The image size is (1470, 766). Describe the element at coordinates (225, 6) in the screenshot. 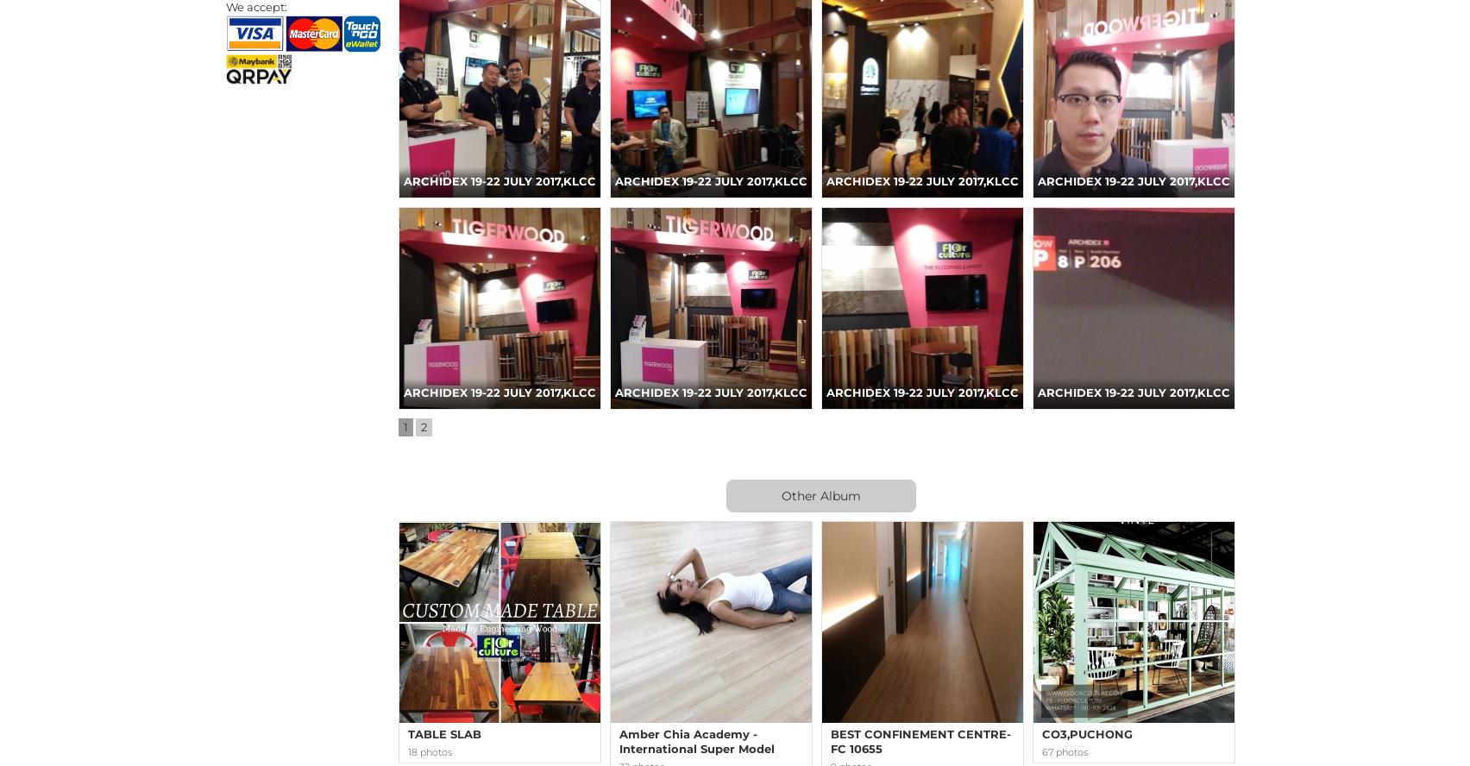

I see `'We accept:'` at that location.